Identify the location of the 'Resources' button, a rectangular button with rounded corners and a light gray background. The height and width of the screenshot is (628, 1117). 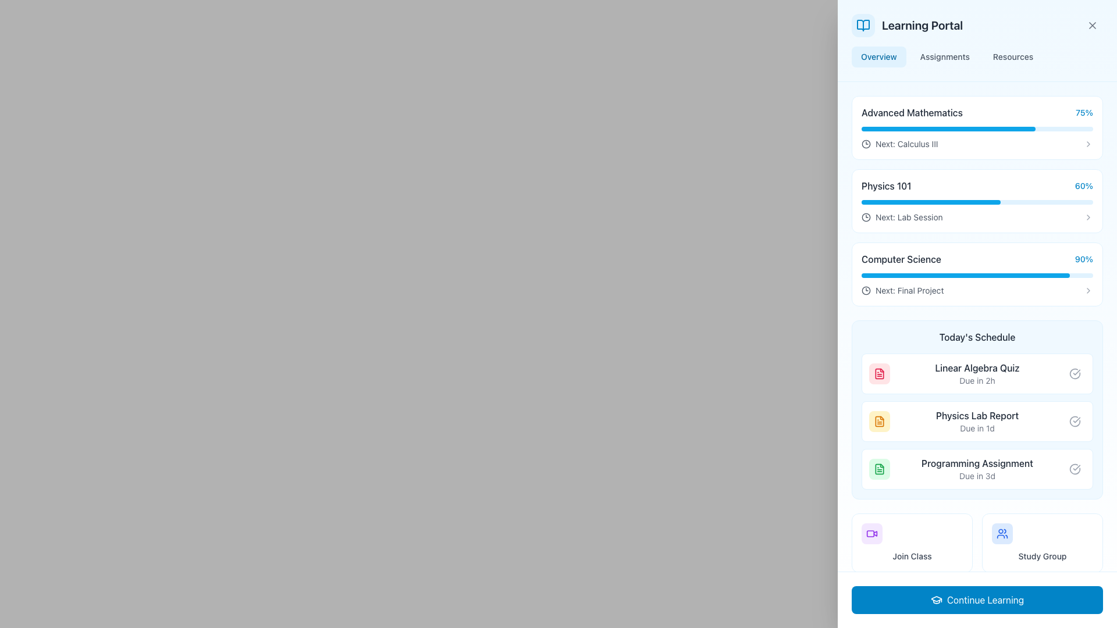
(1012, 56).